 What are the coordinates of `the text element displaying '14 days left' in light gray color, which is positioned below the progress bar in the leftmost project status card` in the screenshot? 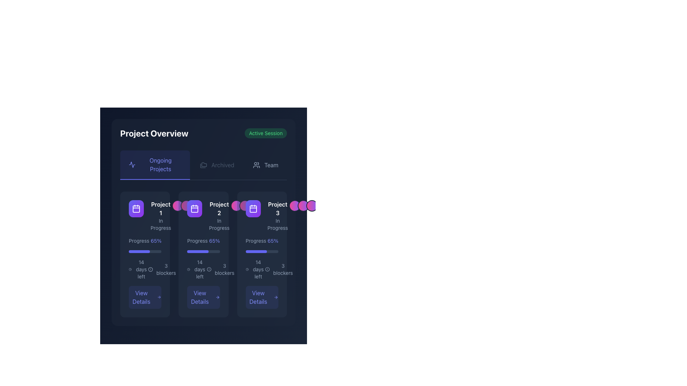 It's located at (138, 269).